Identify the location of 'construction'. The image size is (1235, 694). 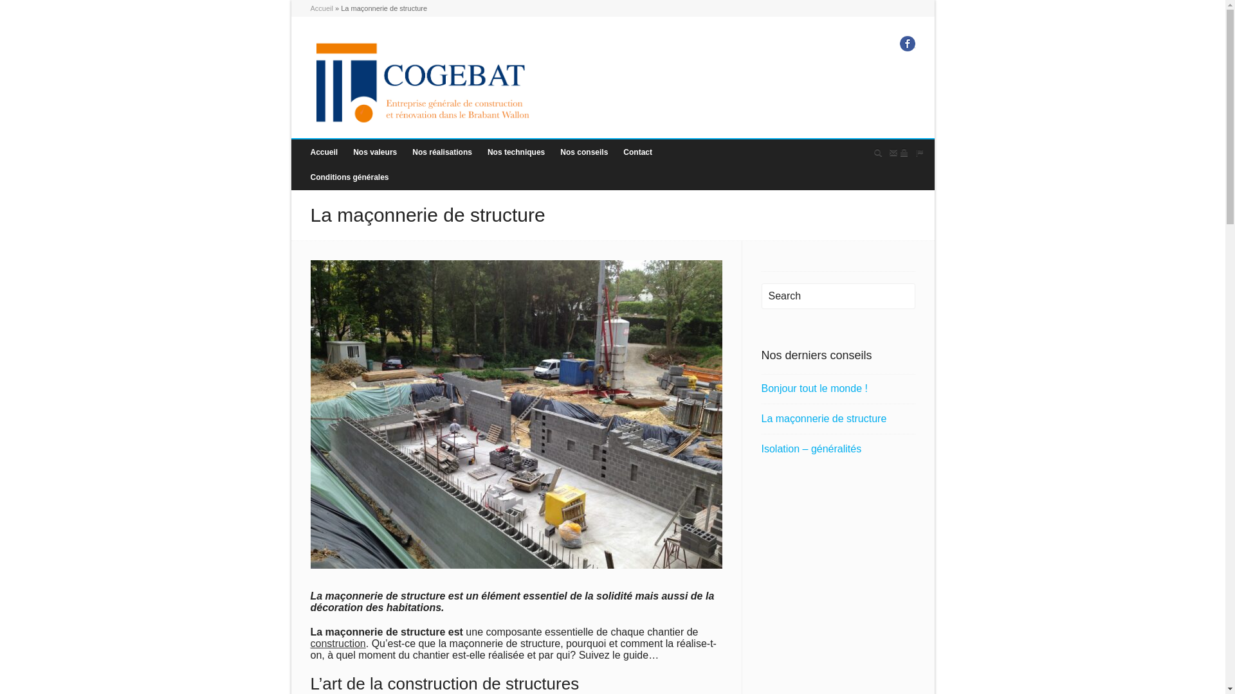
(337, 643).